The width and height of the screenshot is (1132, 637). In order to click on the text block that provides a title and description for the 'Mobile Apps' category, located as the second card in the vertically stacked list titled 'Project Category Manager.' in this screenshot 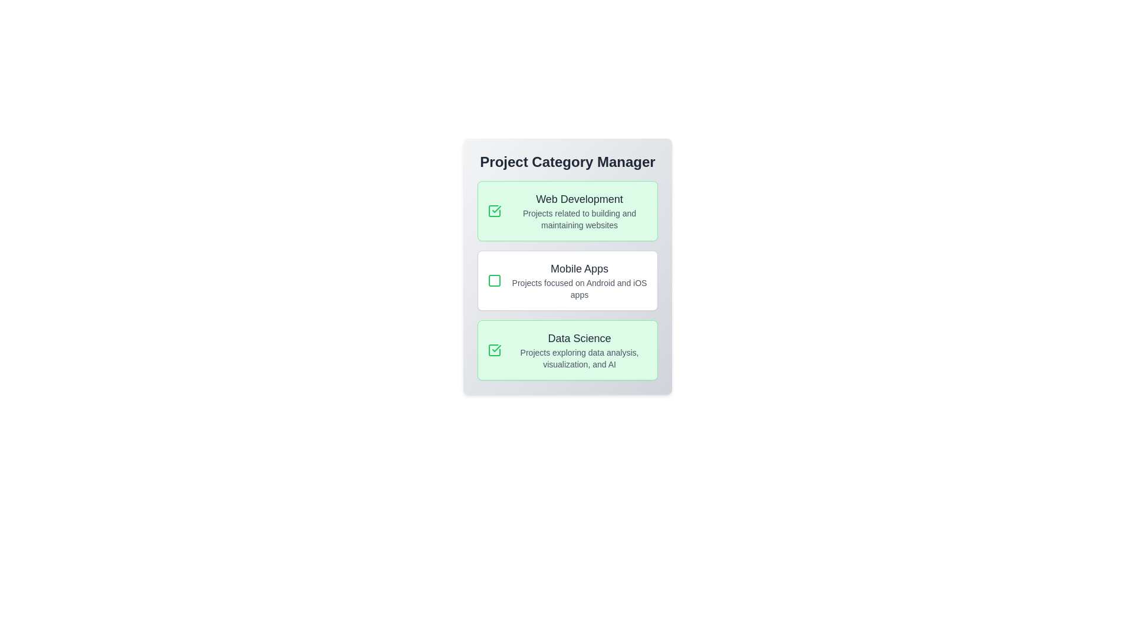, I will do `click(580, 280)`.